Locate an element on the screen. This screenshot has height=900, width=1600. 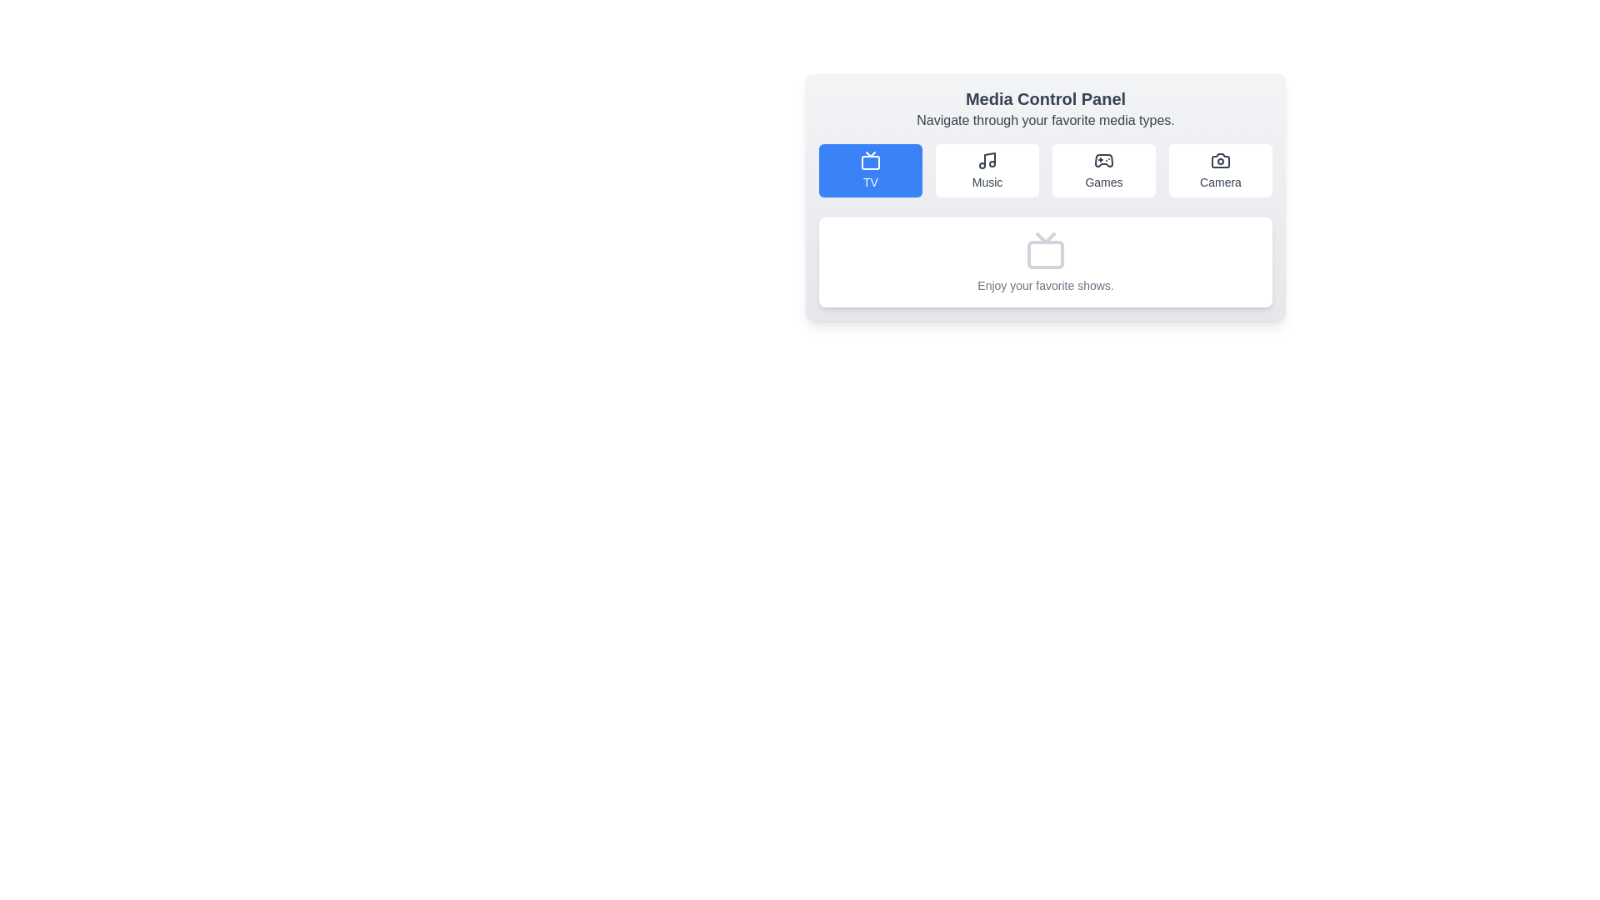
the game controller icon button located in the third slot of the media control panel is located at coordinates (1103, 160).